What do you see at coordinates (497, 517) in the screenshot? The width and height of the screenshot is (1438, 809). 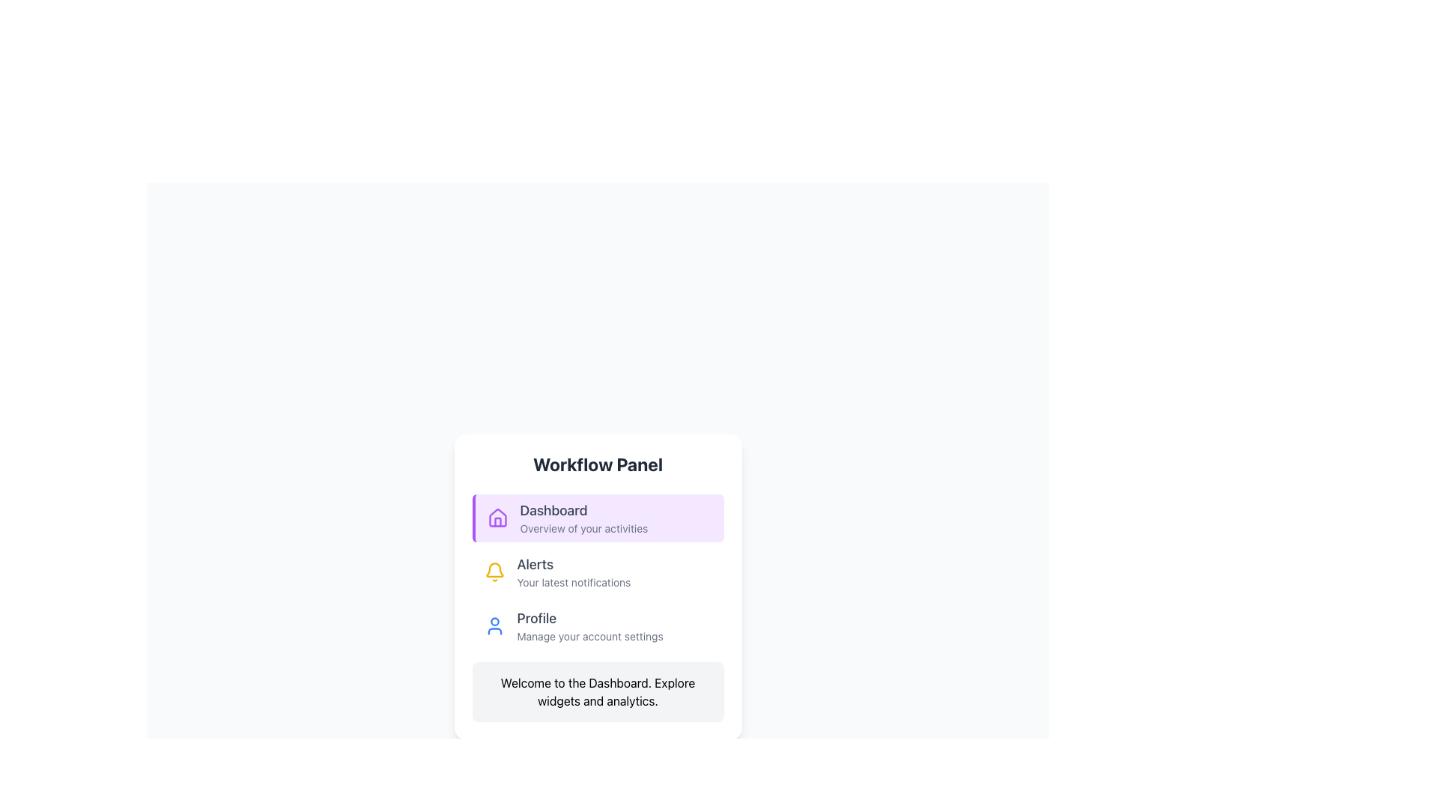 I see `the purple house outline SVG icon located next to the 'Dashboard' text` at bounding box center [497, 517].